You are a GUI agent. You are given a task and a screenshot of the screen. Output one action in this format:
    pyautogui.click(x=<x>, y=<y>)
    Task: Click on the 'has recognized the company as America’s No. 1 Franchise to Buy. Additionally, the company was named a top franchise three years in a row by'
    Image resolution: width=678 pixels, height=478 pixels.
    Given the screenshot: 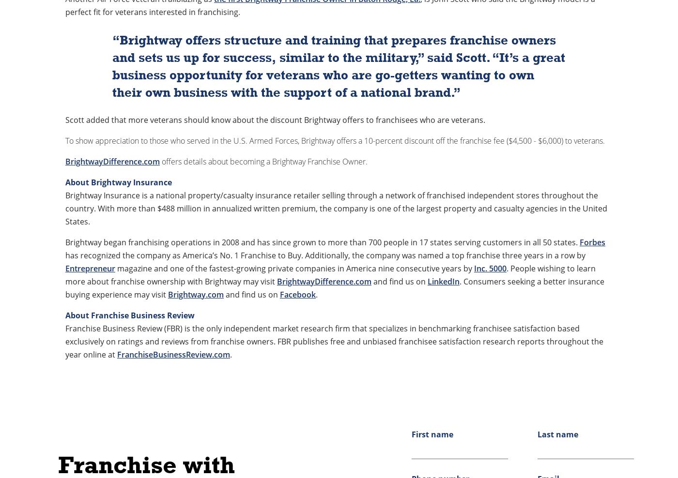 What is the action you would take?
    pyautogui.click(x=325, y=254)
    